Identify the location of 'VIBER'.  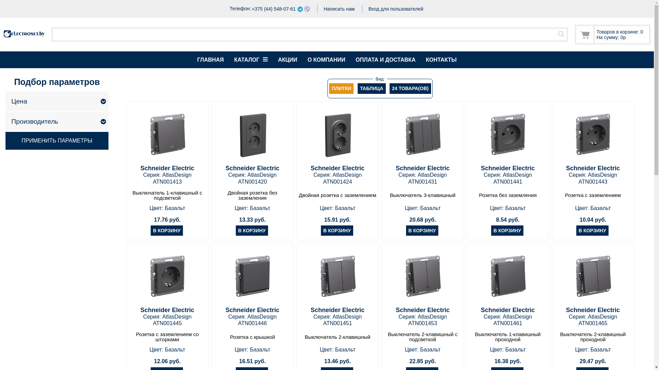
(307, 9).